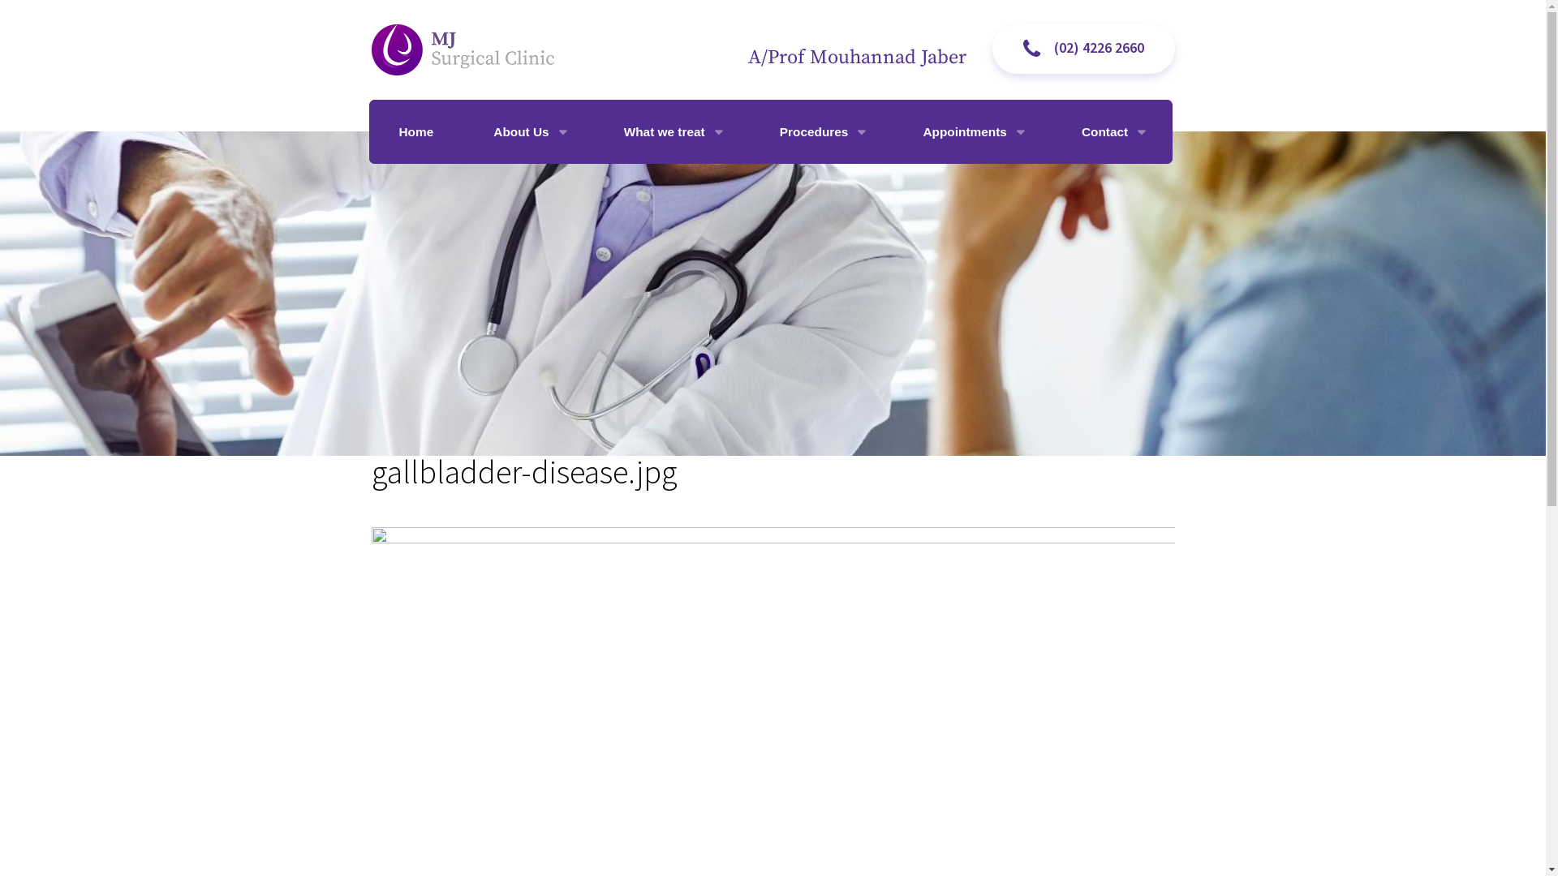 This screenshot has width=1558, height=876. Describe the element at coordinates (67, 0) in the screenshot. I see `'Skip to main content'` at that location.